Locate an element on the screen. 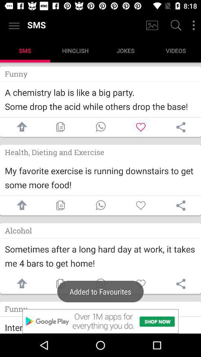 This screenshot has width=201, height=357. settings is located at coordinates (194, 25).